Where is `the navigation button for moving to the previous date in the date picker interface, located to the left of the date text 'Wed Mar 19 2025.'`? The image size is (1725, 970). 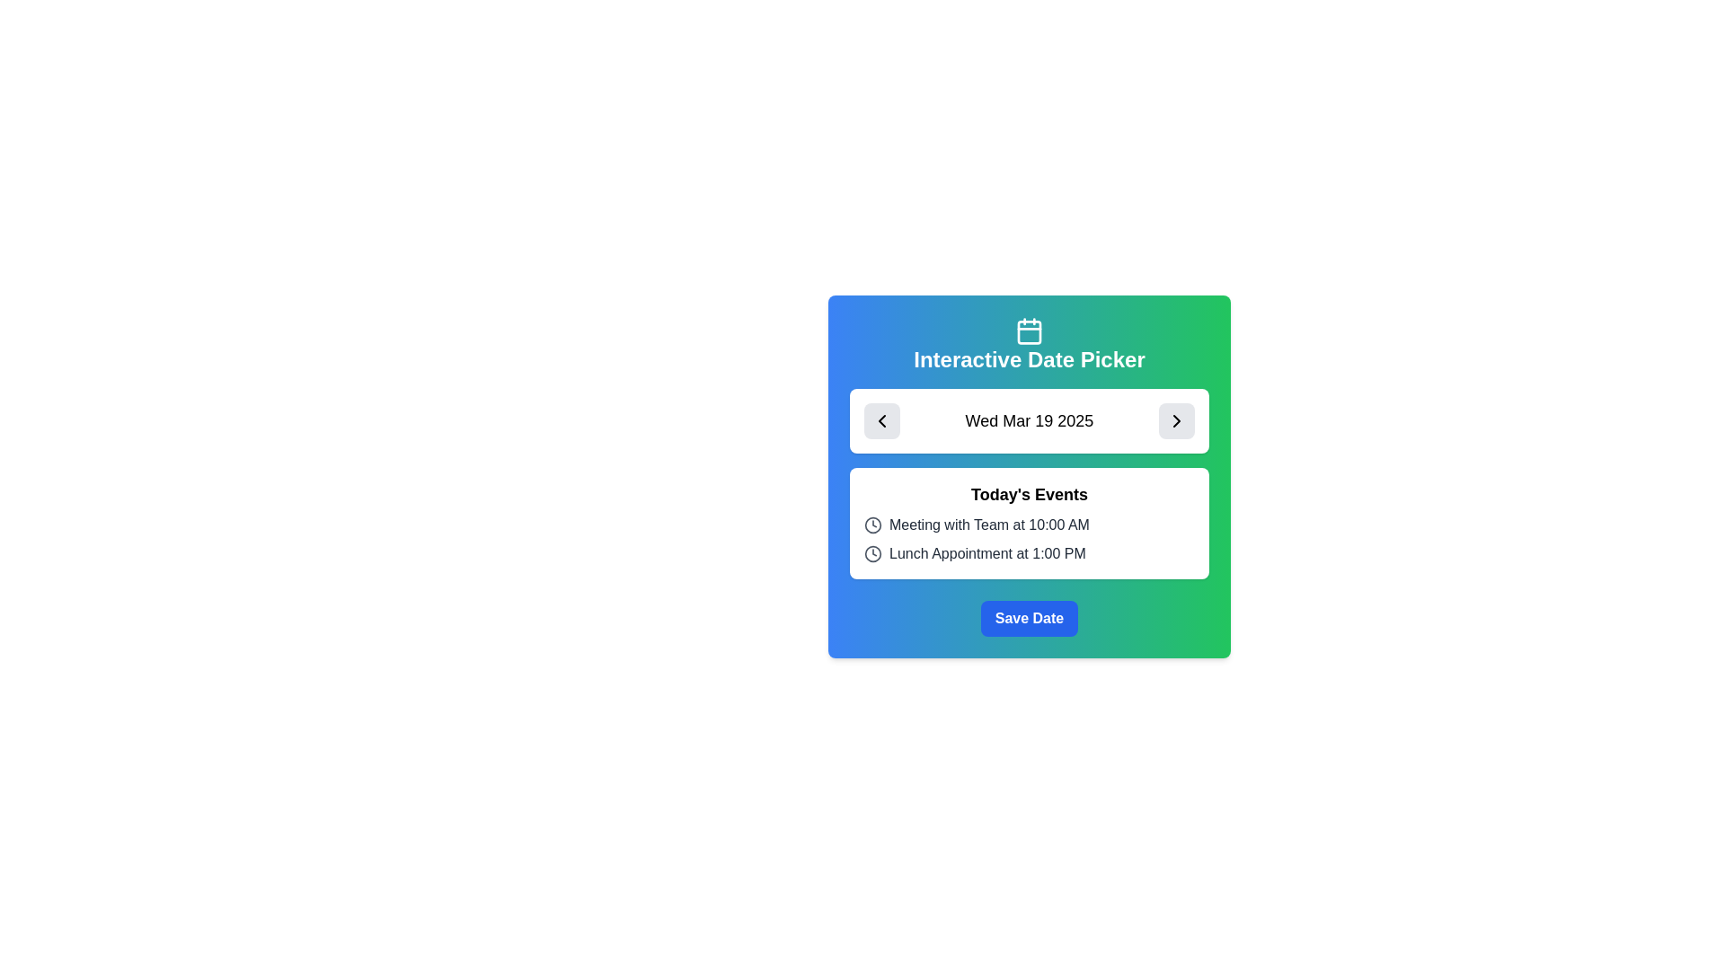
the navigation button for moving to the previous date in the date picker interface, located to the left of the date text 'Wed Mar 19 2025.' is located at coordinates (882, 421).